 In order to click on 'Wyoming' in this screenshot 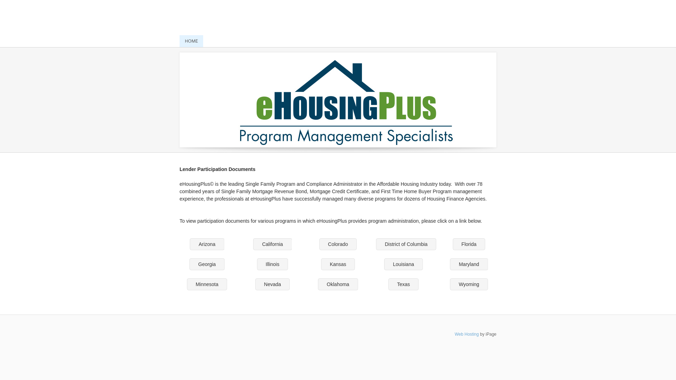, I will do `click(469, 284)`.